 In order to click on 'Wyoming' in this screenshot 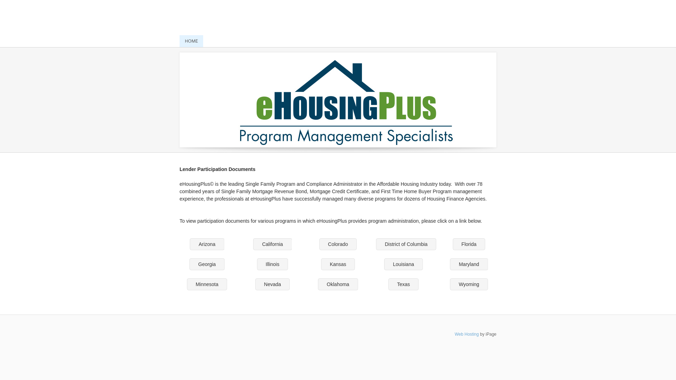, I will do `click(469, 284)`.